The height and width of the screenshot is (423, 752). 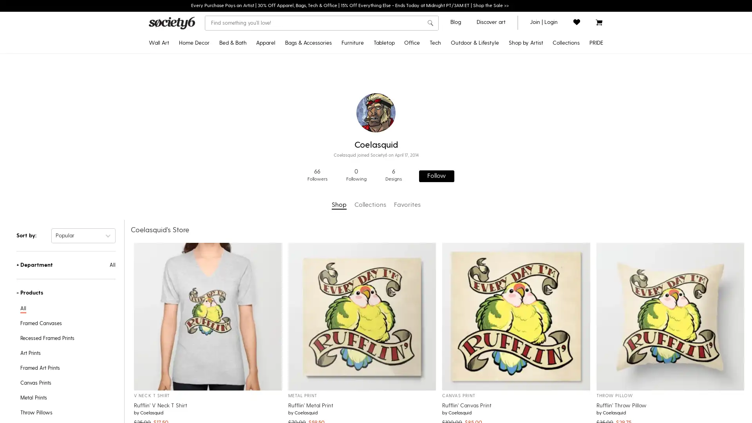 What do you see at coordinates (383, 43) in the screenshot?
I see `Tabletop` at bounding box center [383, 43].